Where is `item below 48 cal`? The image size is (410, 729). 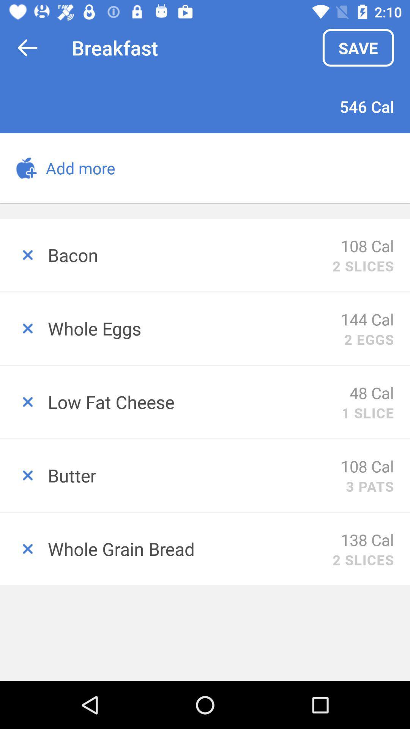 item below 48 cal is located at coordinates (367, 412).